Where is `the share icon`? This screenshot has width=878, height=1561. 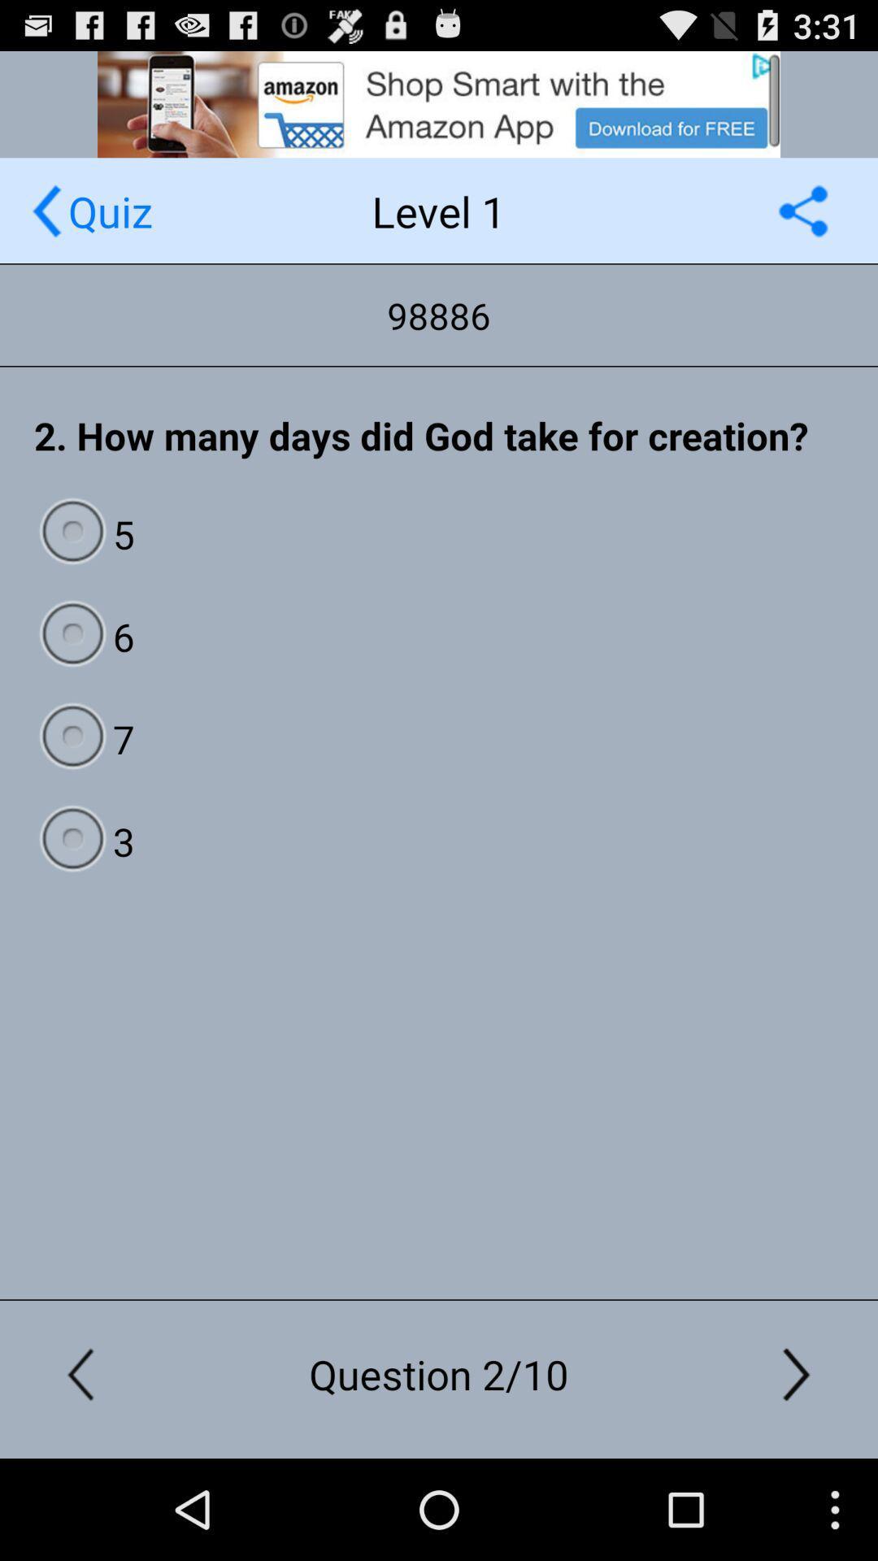 the share icon is located at coordinates (802, 225).